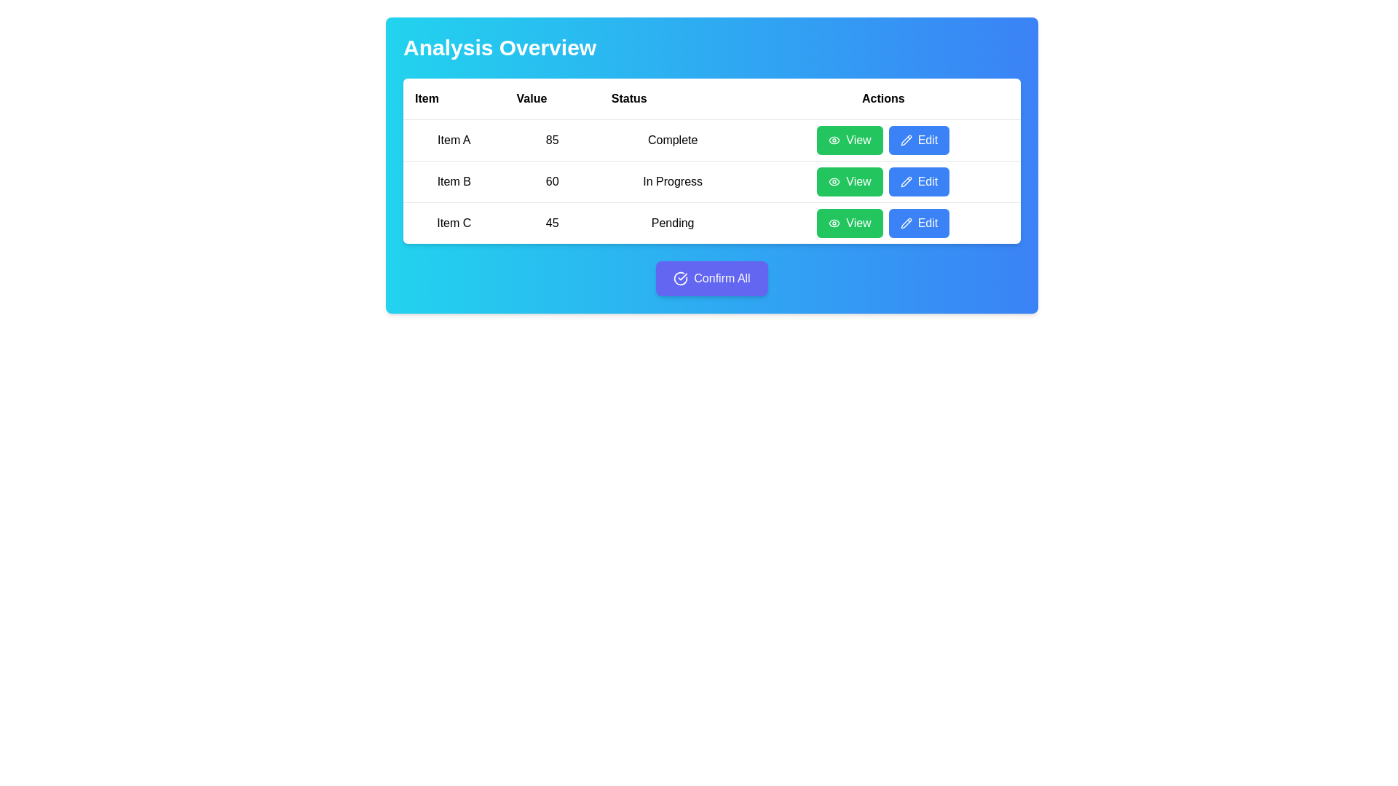 The width and height of the screenshot is (1398, 786). I want to click on the text display showing the numeric value '60' in the 'Value' column of the row labeled 'Item B', so click(551, 181).